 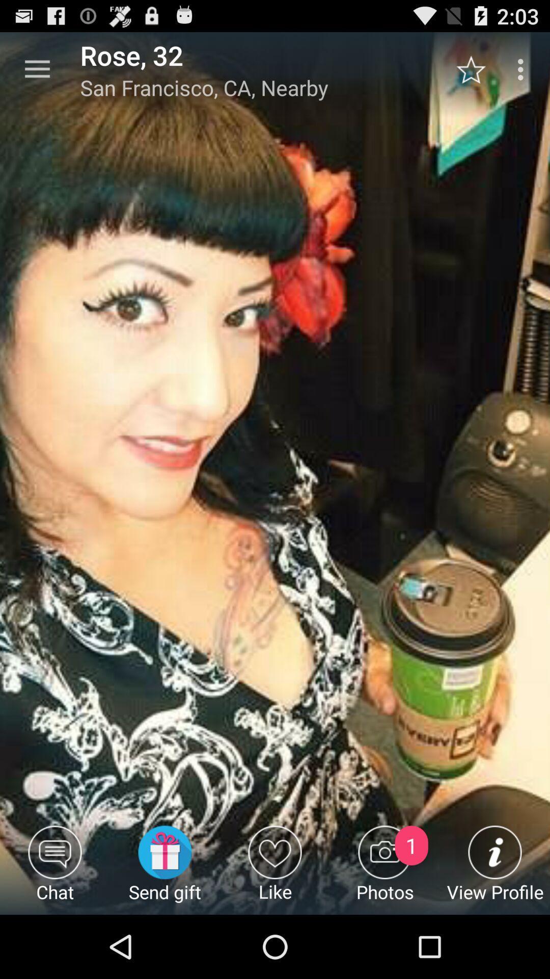 What do you see at coordinates (275, 869) in the screenshot?
I see `item next to the photos` at bounding box center [275, 869].